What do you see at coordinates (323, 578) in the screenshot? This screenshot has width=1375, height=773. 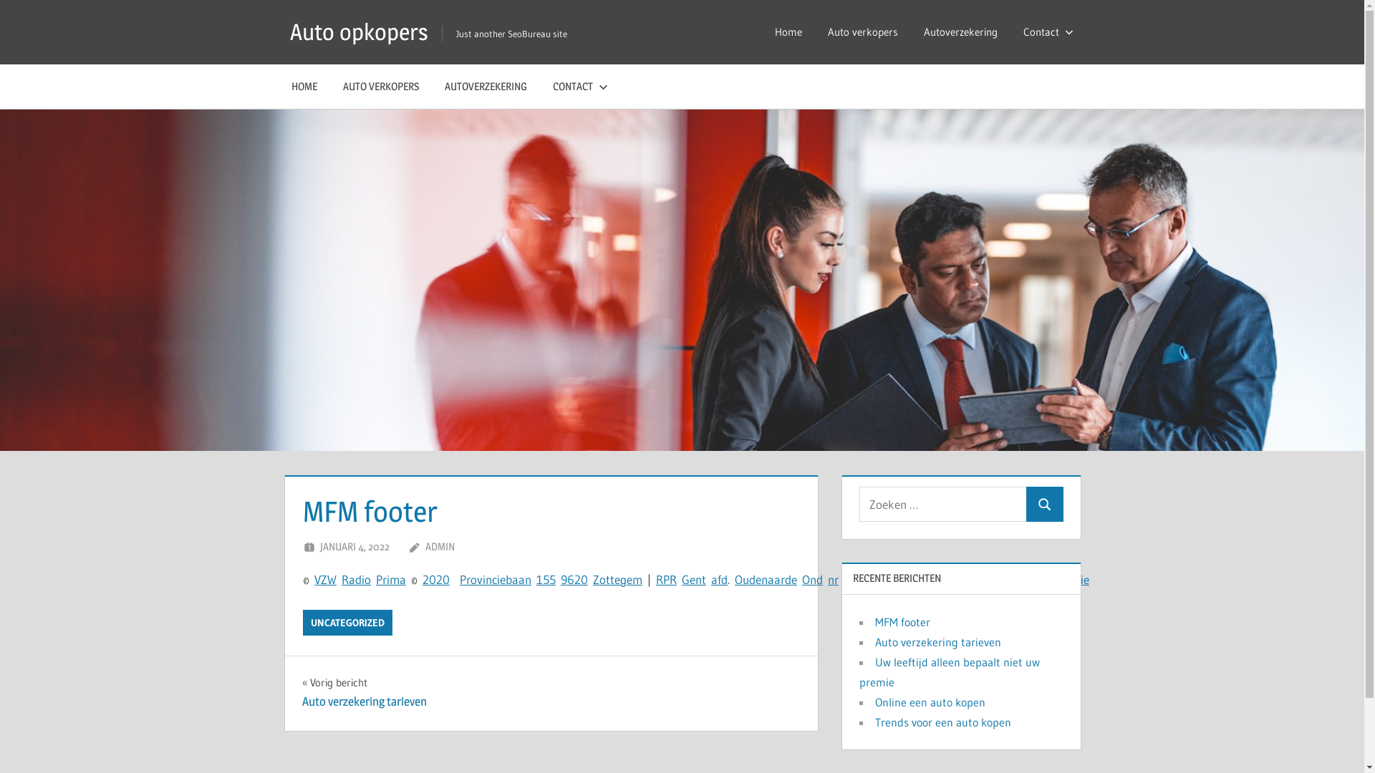 I see `'Z'` at bounding box center [323, 578].